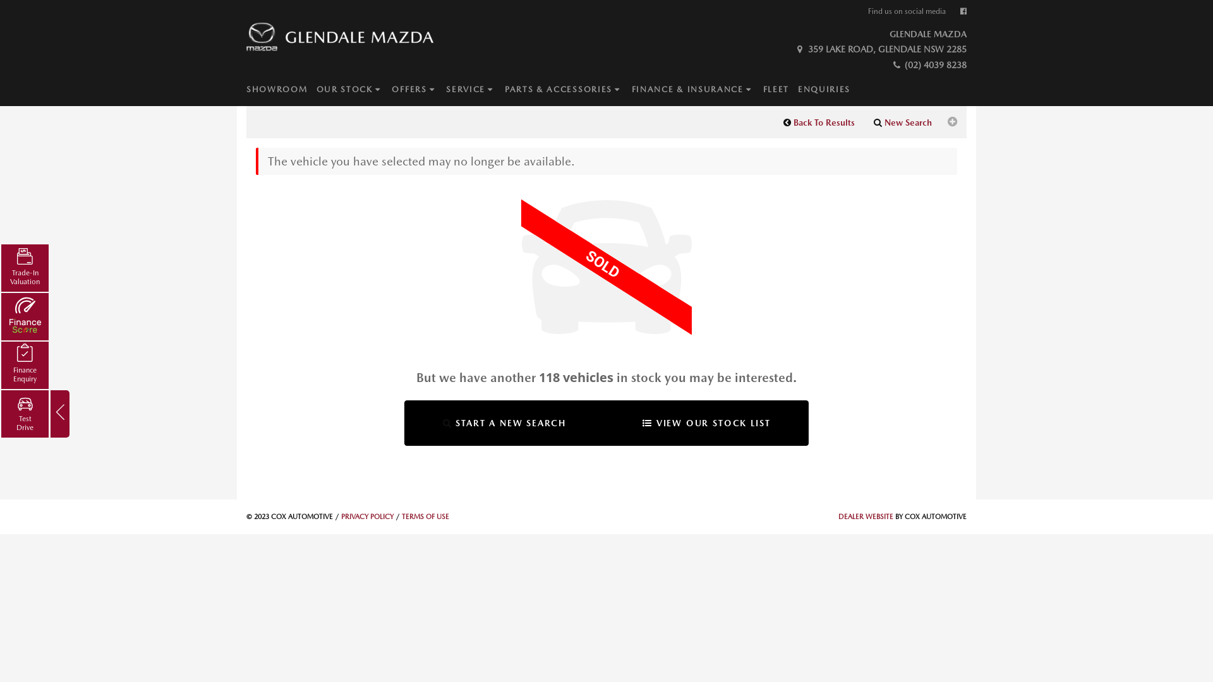 Image resolution: width=1213 pixels, height=682 pixels. What do you see at coordinates (1, 414) in the screenshot?
I see `'Test` at bounding box center [1, 414].